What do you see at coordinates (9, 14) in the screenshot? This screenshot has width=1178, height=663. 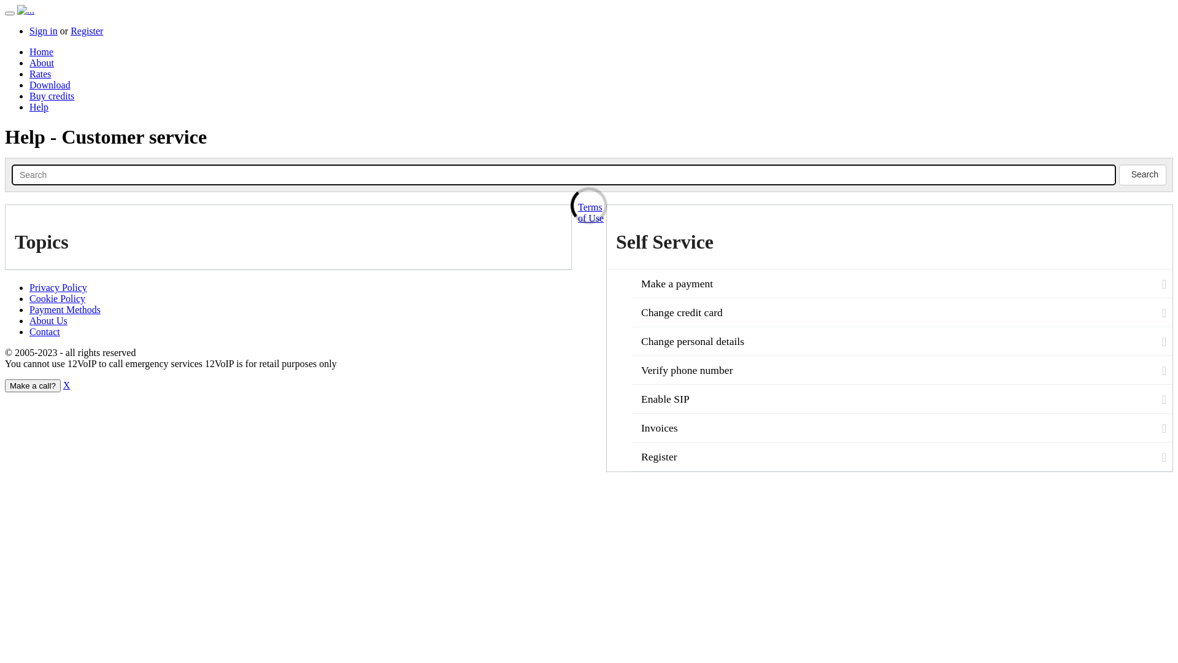 I see `'Toggle navigation'` at bounding box center [9, 14].